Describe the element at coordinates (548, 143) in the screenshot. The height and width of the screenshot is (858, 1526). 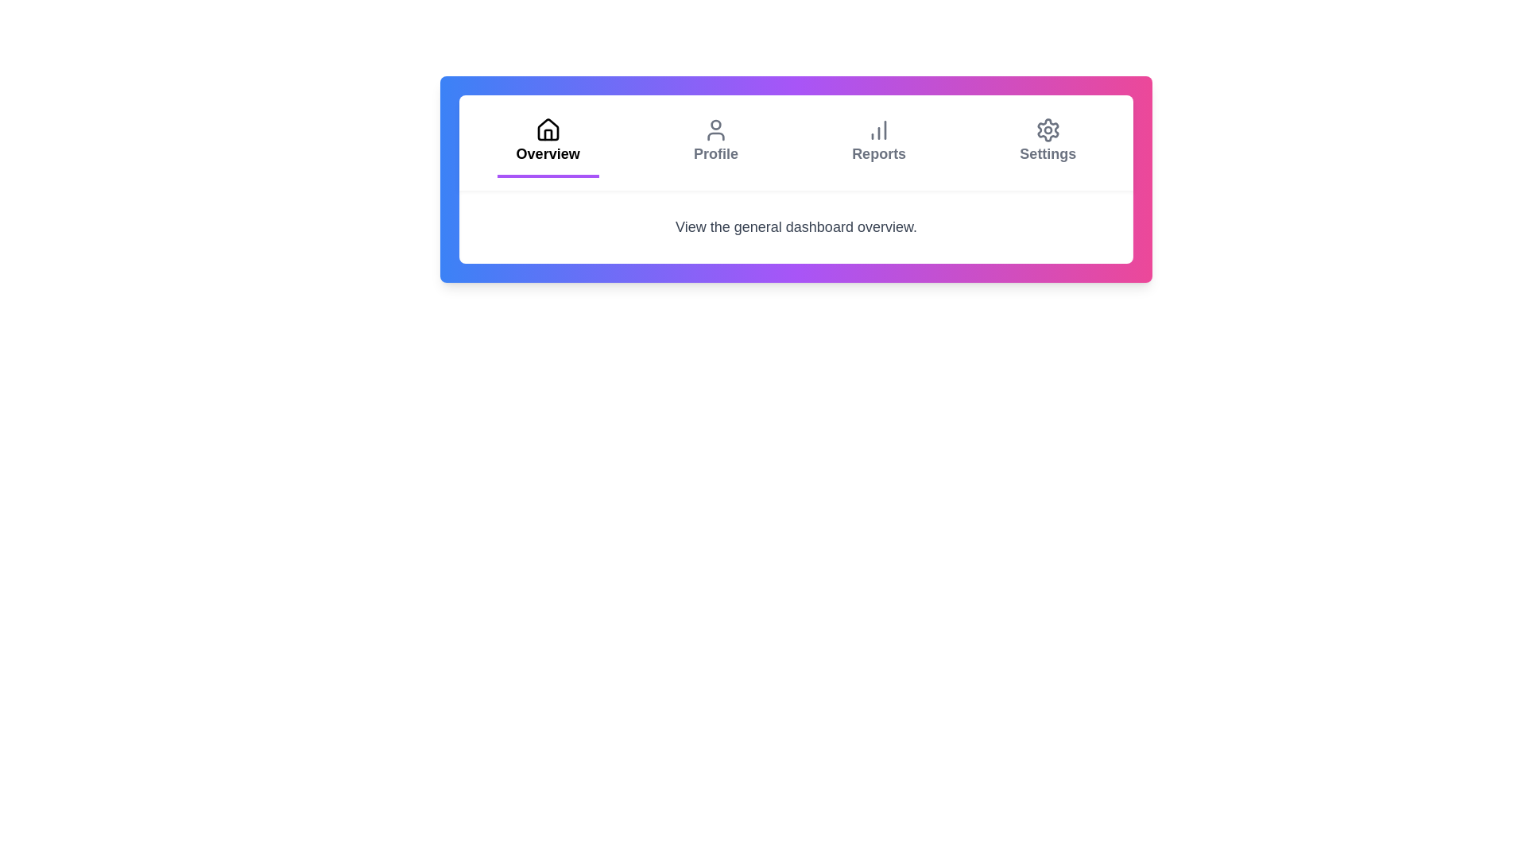
I see `the 'Overview' tab button, which is the first tab in the navigation bar, featuring a house icon and a purple underline` at that location.